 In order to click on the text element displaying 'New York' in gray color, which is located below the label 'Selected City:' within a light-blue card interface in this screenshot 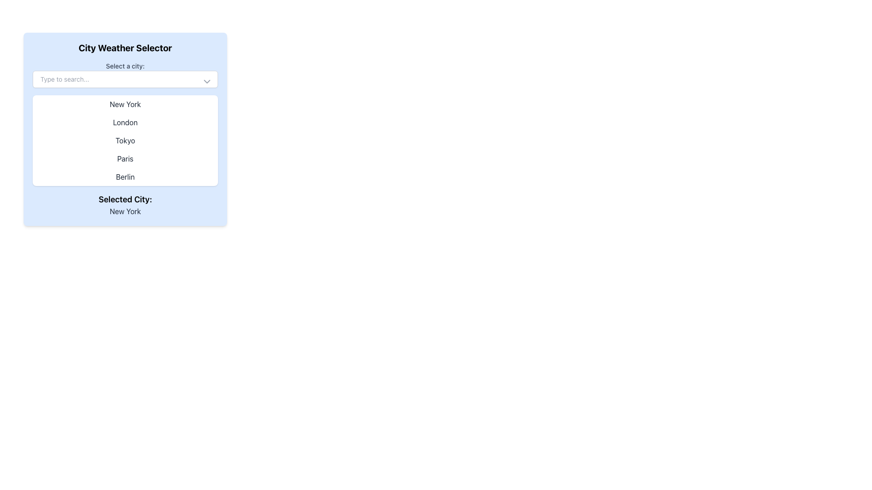, I will do `click(124, 211)`.